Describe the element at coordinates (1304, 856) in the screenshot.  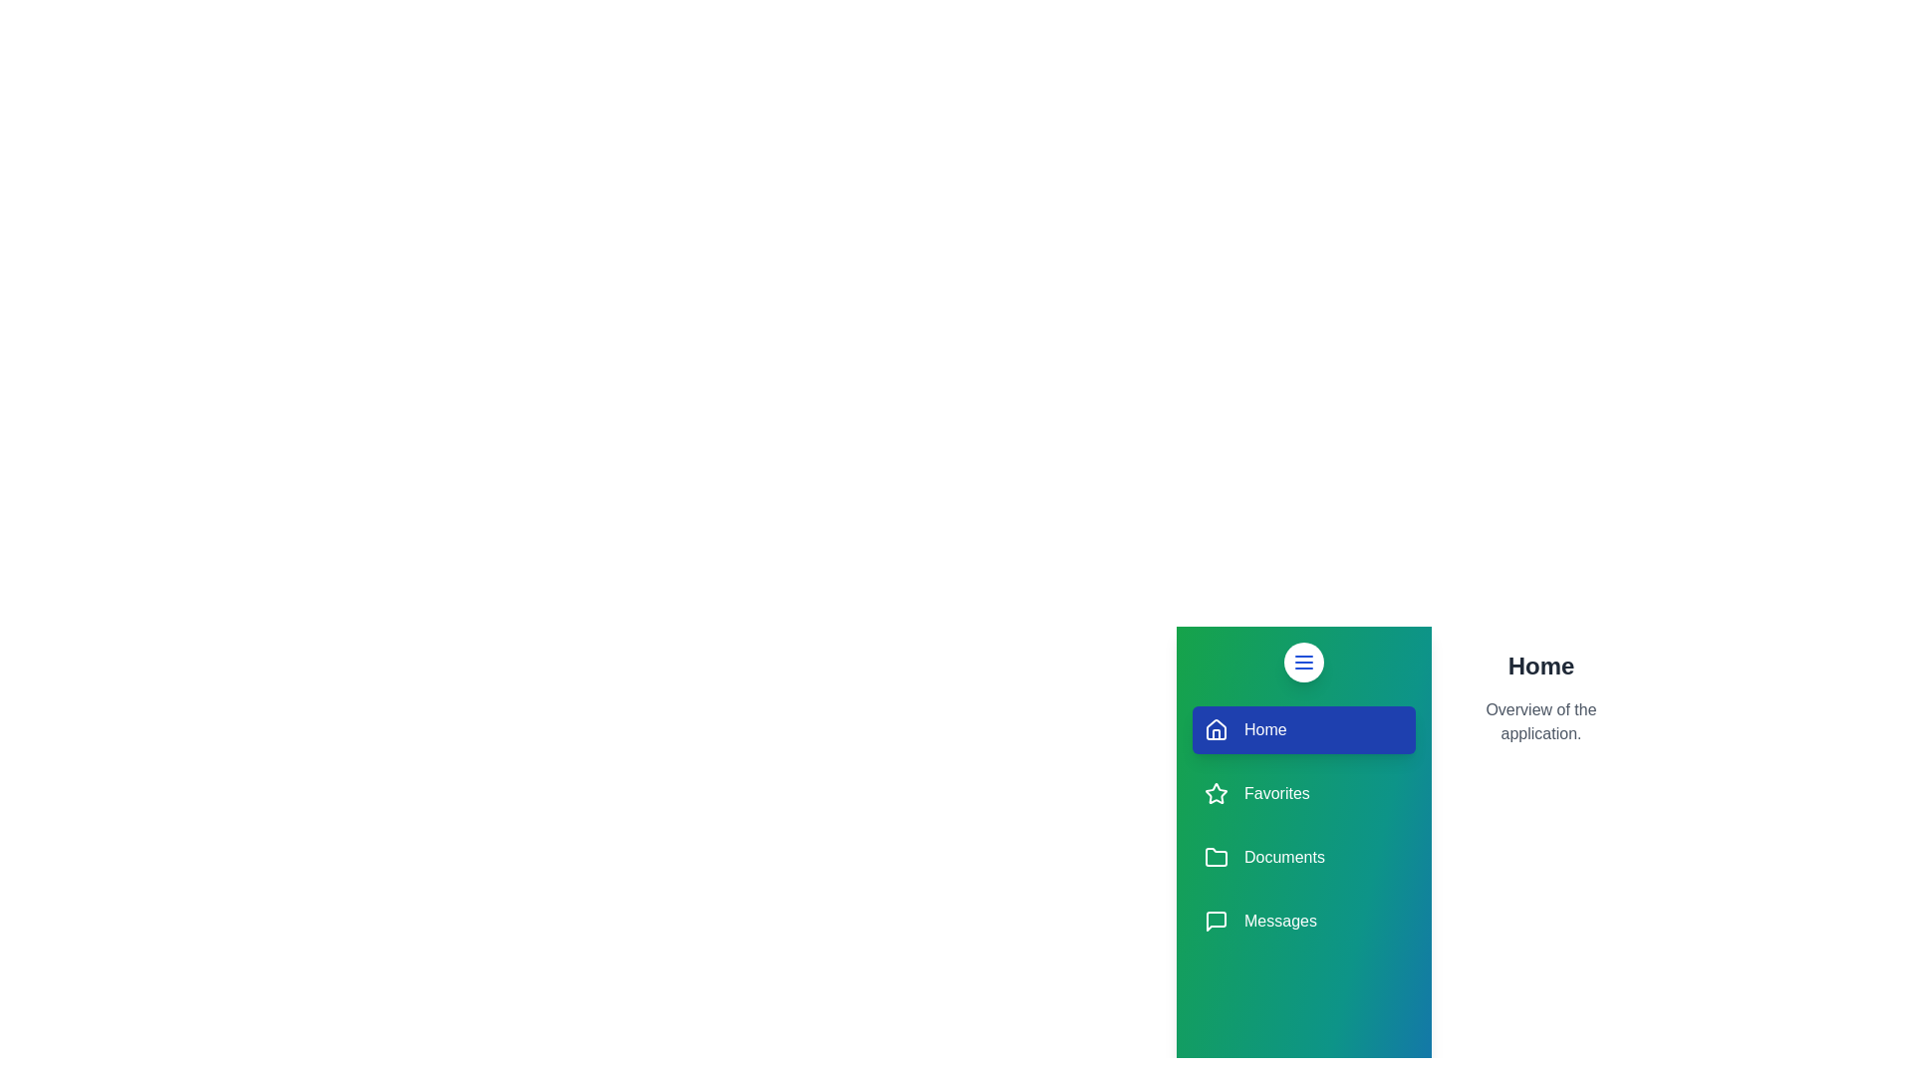
I see `the Documents section from the drawer menu` at that location.